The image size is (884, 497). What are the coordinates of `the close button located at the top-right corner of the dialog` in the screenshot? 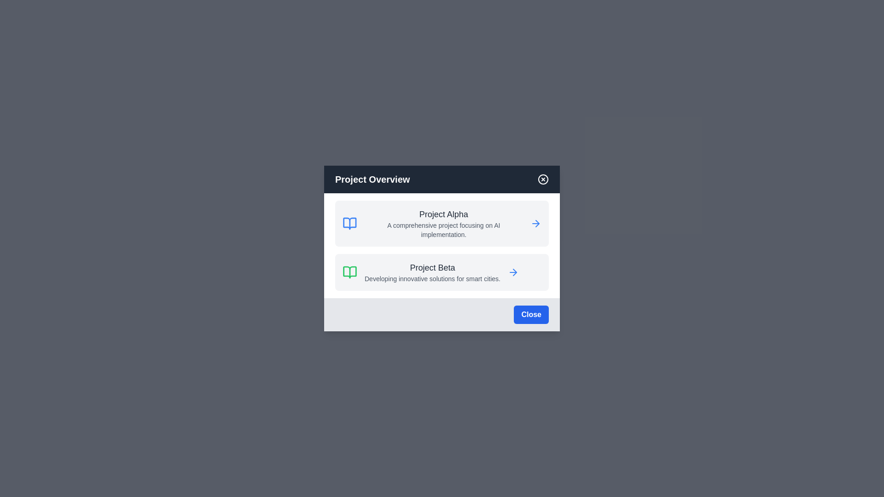 It's located at (543, 179).